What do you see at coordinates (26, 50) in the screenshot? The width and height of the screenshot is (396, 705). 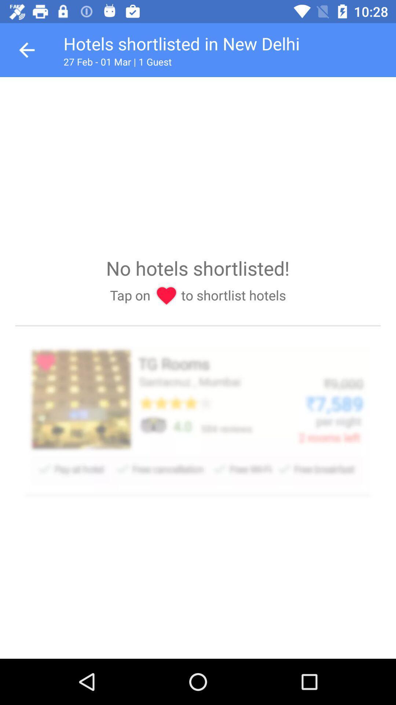 I see `icon to the left of the hotels shortlisted in icon` at bounding box center [26, 50].